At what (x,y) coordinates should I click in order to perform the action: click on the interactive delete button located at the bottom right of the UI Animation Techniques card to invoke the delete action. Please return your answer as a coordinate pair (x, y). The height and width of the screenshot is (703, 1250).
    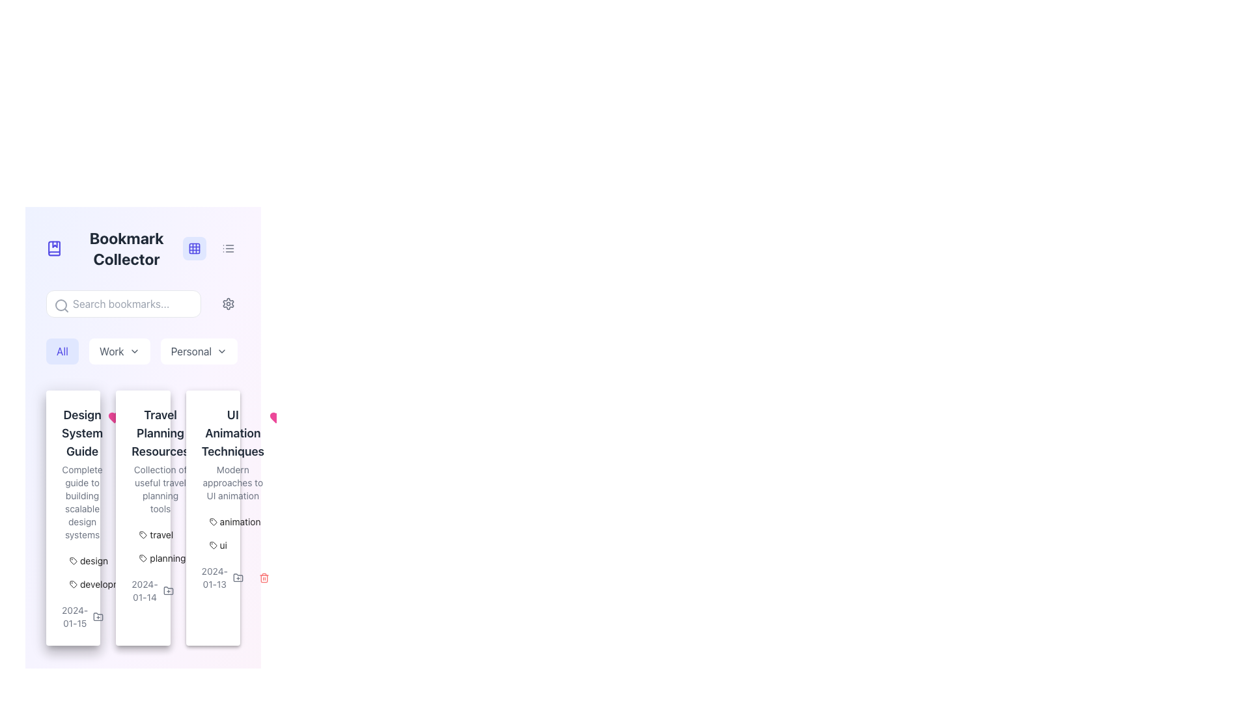
    Looking at the image, I should click on (264, 577).